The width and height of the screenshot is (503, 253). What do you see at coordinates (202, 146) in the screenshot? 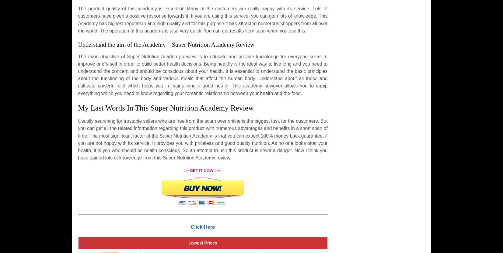
I see `'is that you can expect 100% money back guarantee, if you are not happy with its service. It provides you with priceless and good quality nutrition. As no one looks after your health, it is you who should be health conscious. So an attempt to use this product is never a danger. Now I think you have gained lots of knowledge from this'` at bounding box center [202, 146].